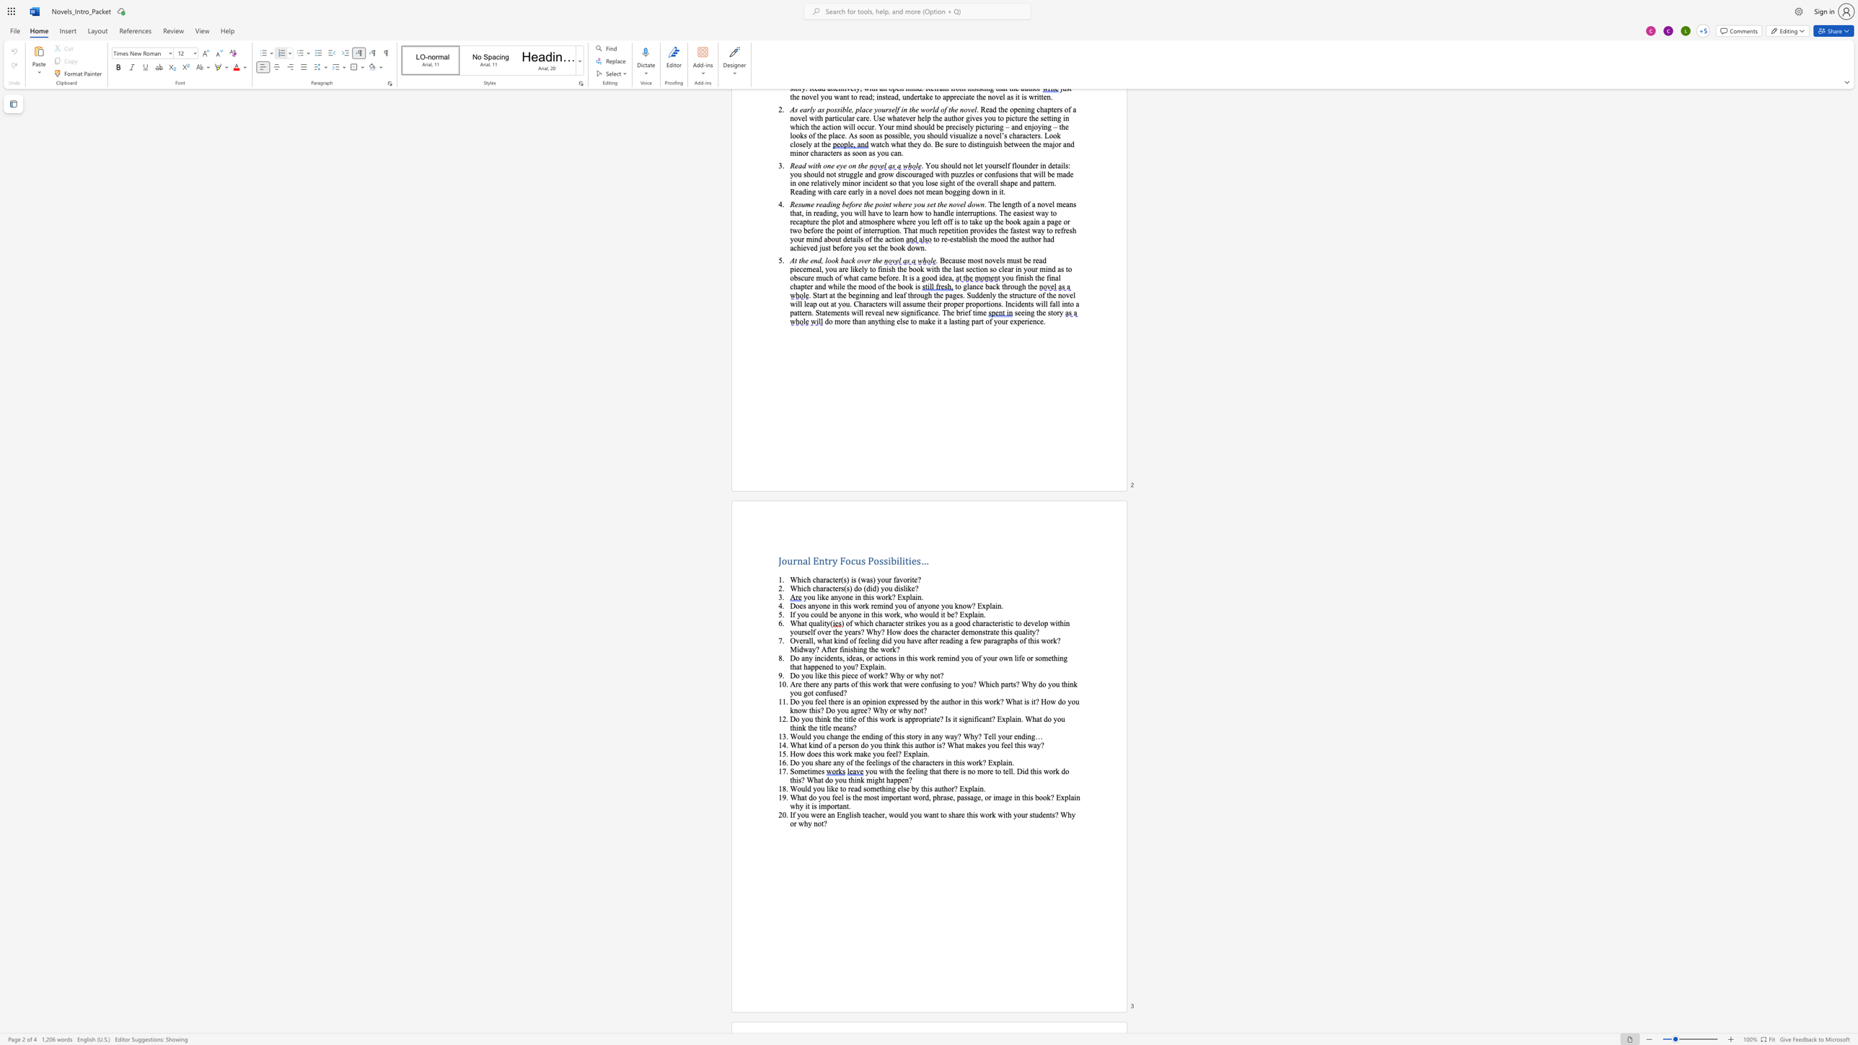 The width and height of the screenshot is (1858, 1045). Describe the element at coordinates (1013, 762) in the screenshot. I see `the 1th character "." in the text` at that location.